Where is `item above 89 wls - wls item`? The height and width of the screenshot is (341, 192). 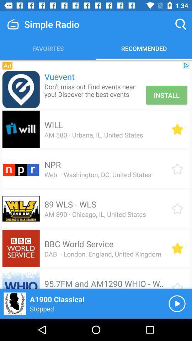 item above 89 wls - wls item is located at coordinates (97, 174).